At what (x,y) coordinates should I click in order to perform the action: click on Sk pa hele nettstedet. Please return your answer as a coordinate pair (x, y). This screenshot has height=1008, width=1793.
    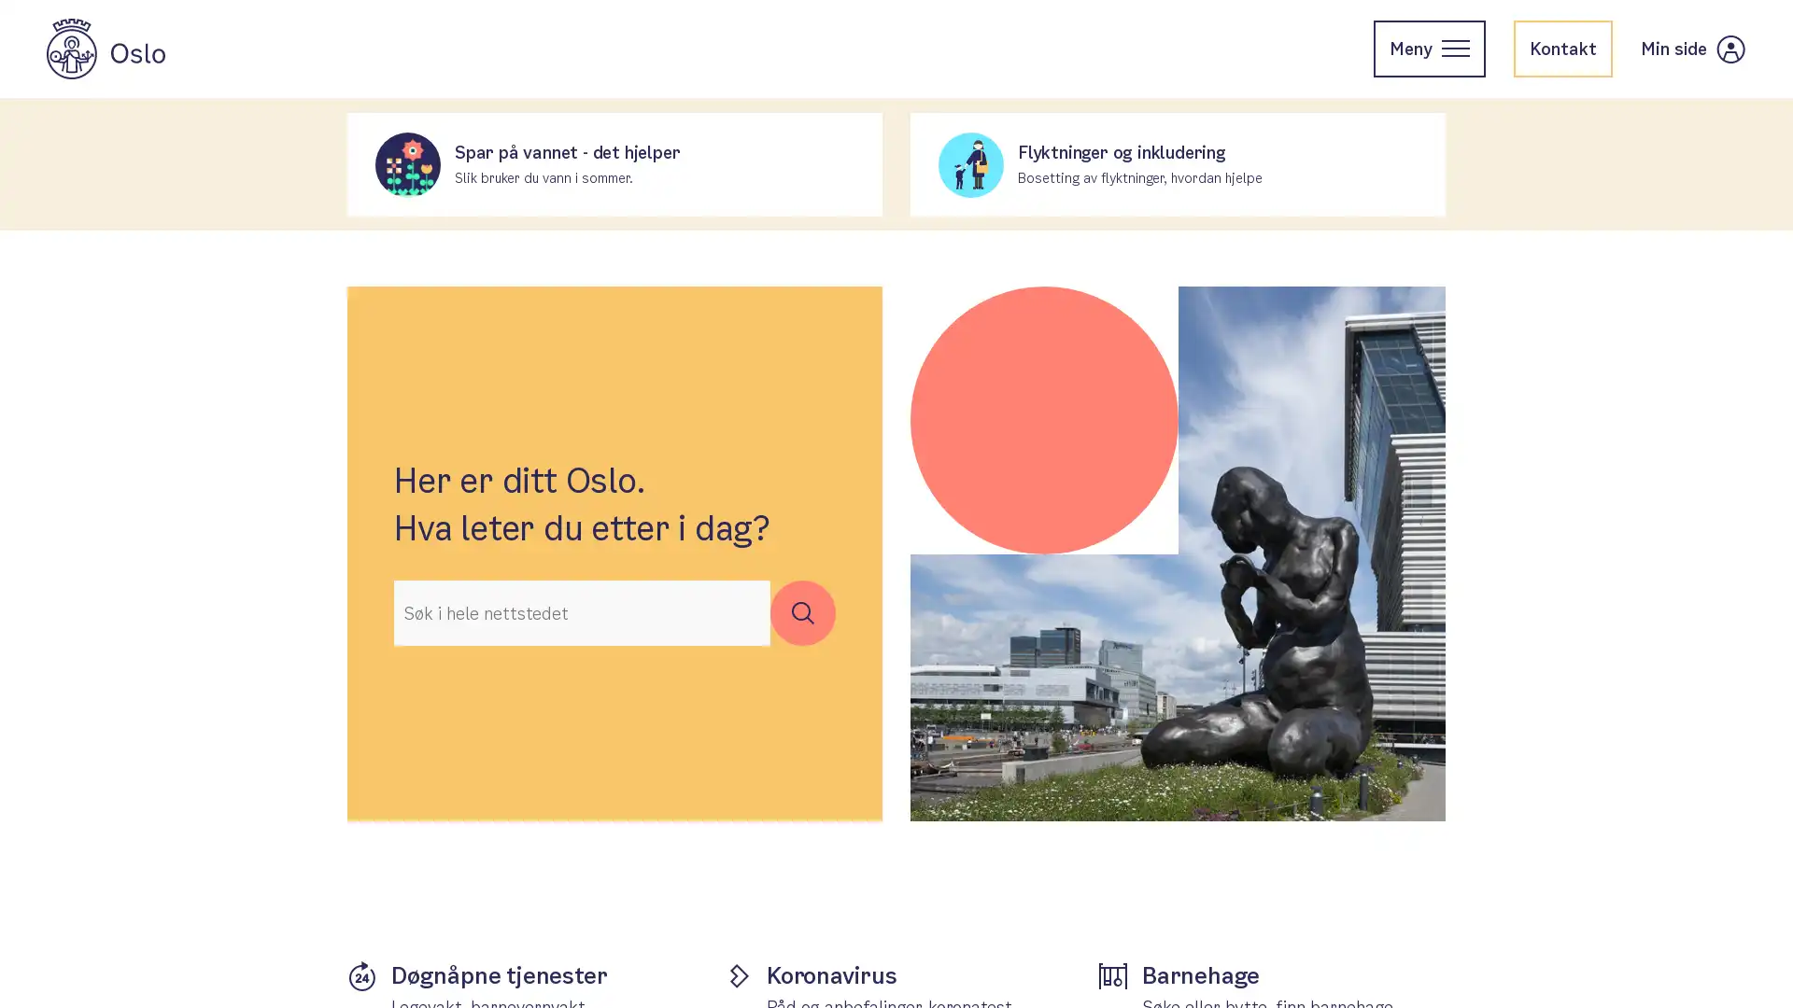
    Looking at the image, I should click on (802, 612).